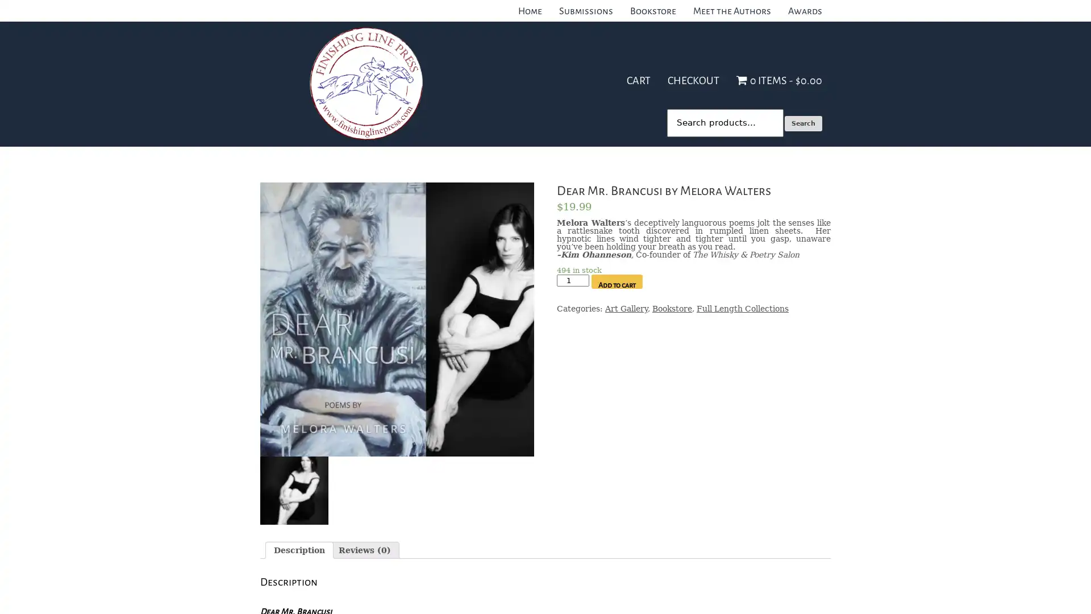 This screenshot has height=614, width=1091. I want to click on Search, so click(803, 123).